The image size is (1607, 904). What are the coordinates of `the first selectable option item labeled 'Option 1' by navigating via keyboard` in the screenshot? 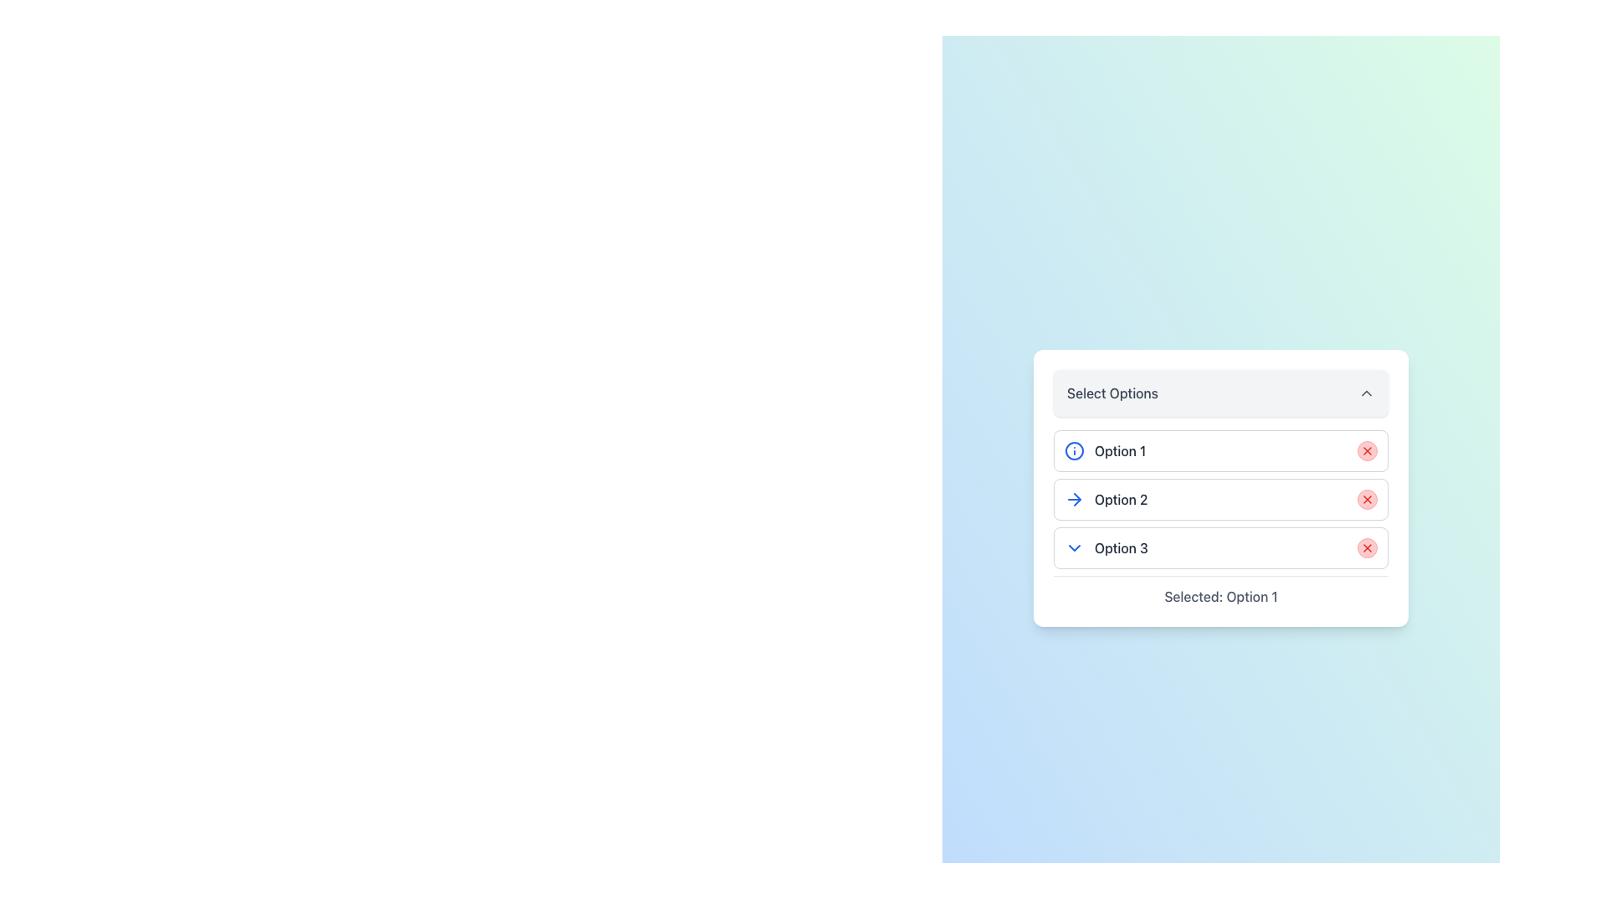 It's located at (1221, 449).